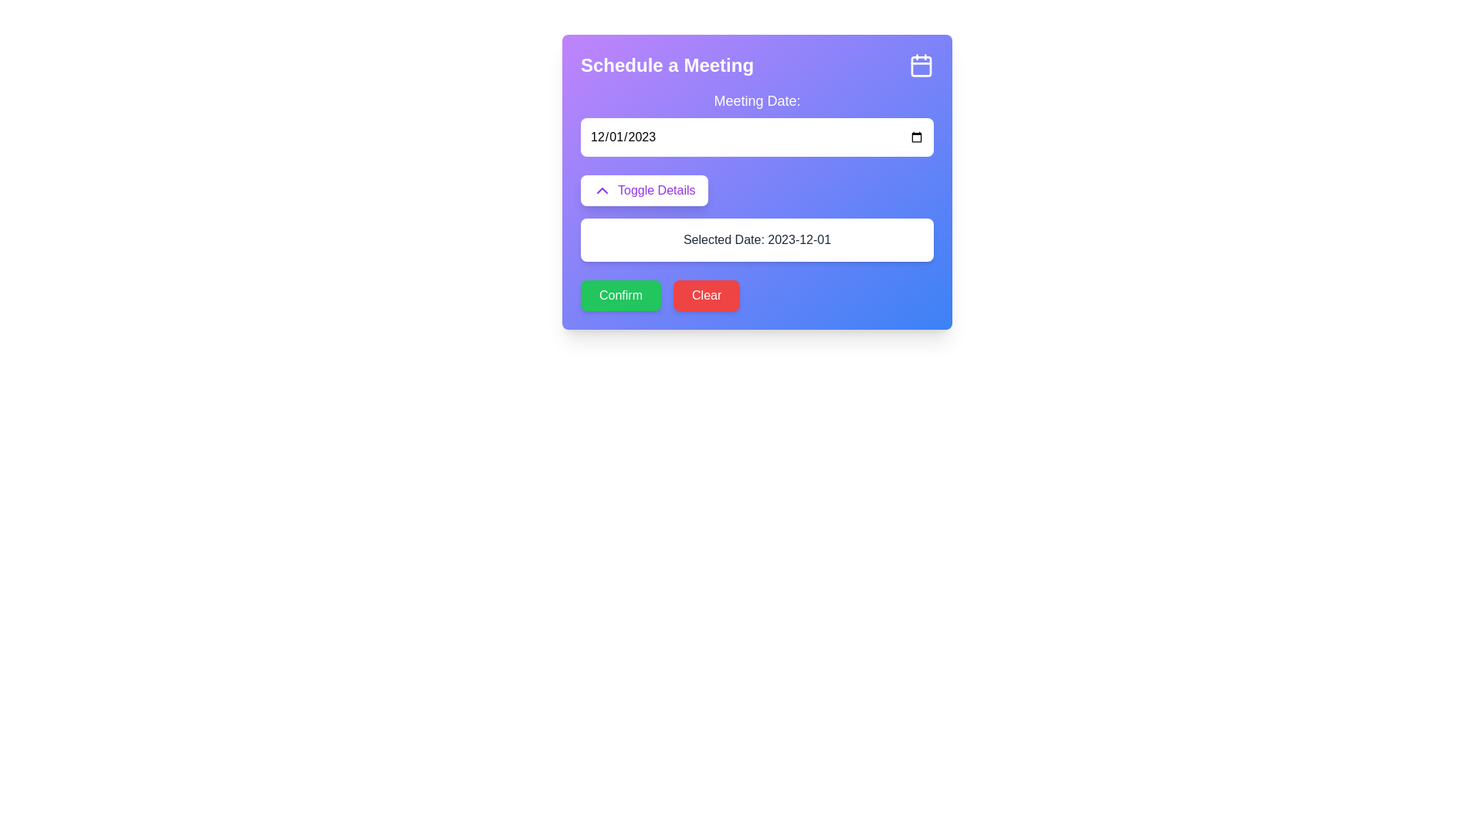 Image resolution: width=1483 pixels, height=834 pixels. What do you see at coordinates (667, 64) in the screenshot?
I see `the text label indicating the purpose related to scheduling meetings` at bounding box center [667, 64].